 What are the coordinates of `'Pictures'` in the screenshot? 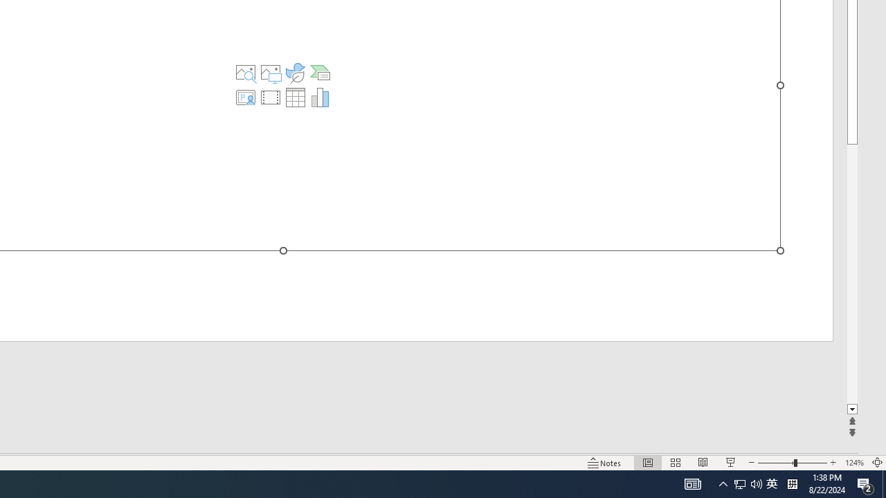 It's located at (271, 73).